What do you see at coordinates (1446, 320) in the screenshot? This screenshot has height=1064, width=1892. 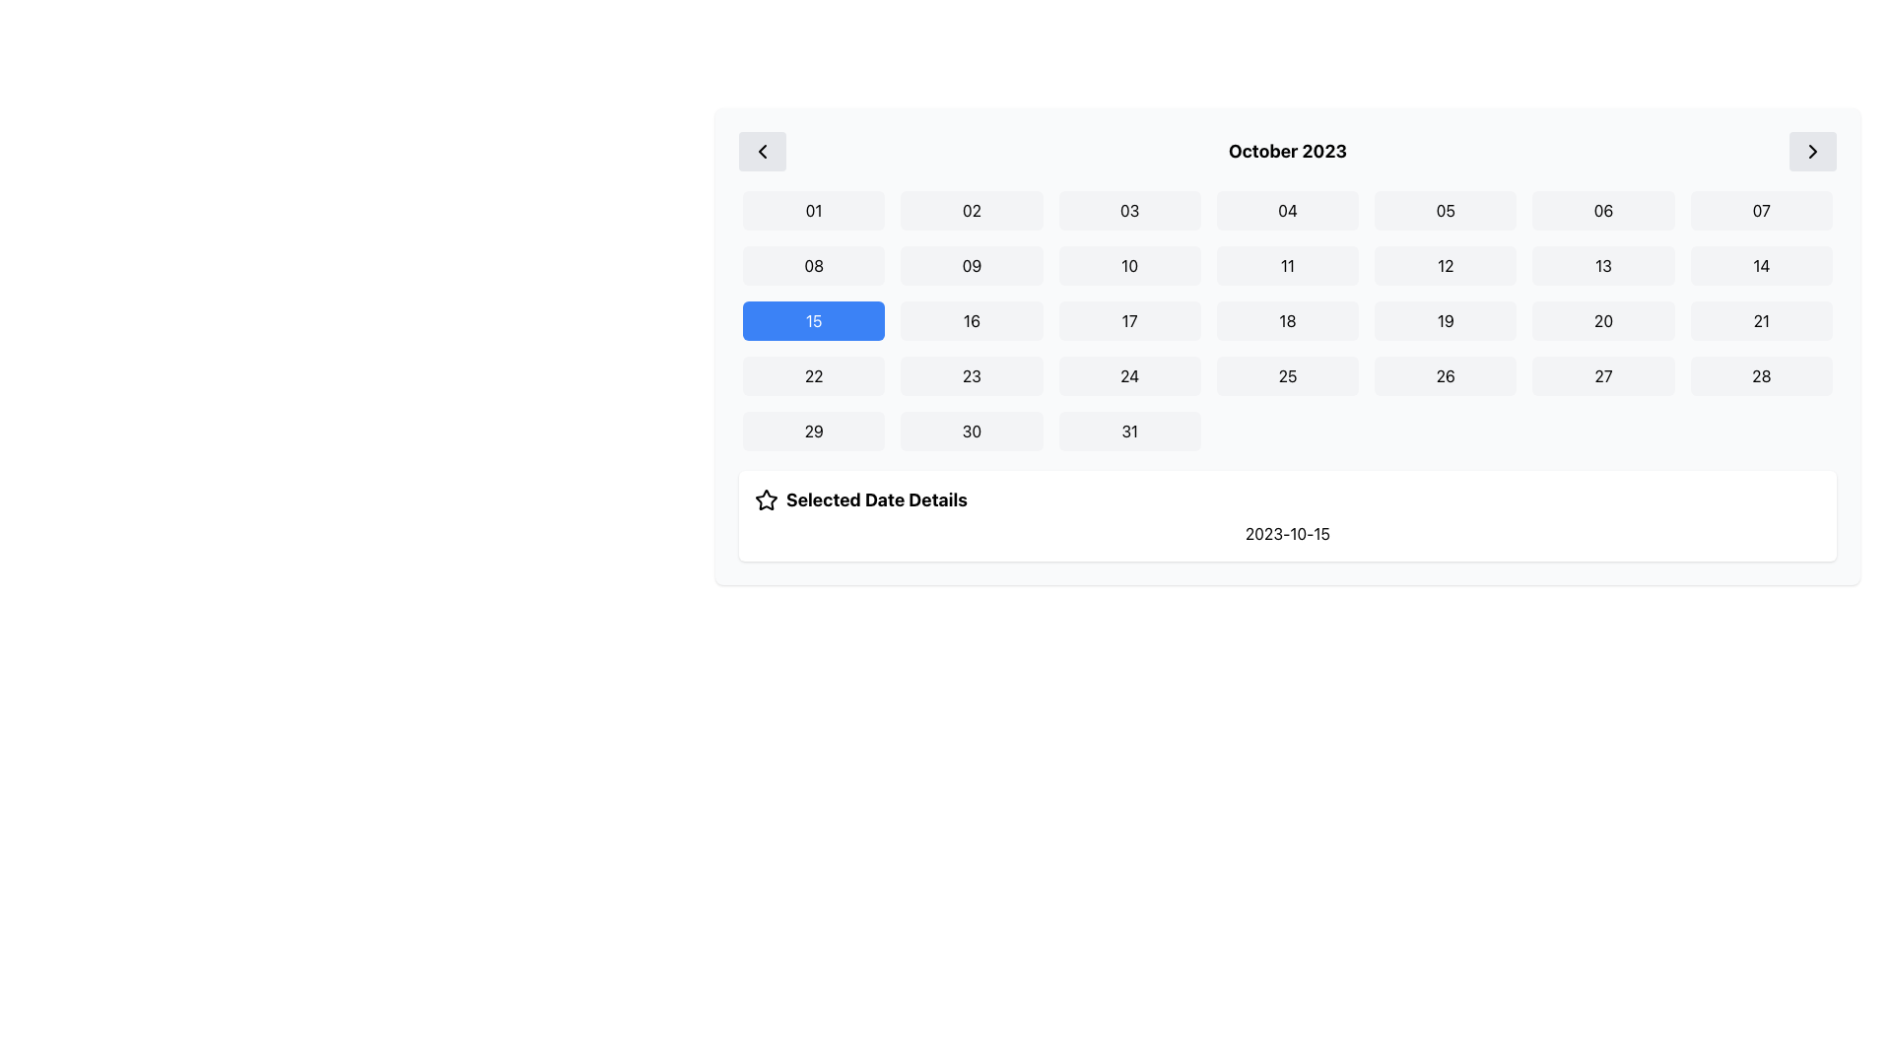 I see `the selectable day button representing the 19th day of the calendar grid` at bounding box center [1446, 320].